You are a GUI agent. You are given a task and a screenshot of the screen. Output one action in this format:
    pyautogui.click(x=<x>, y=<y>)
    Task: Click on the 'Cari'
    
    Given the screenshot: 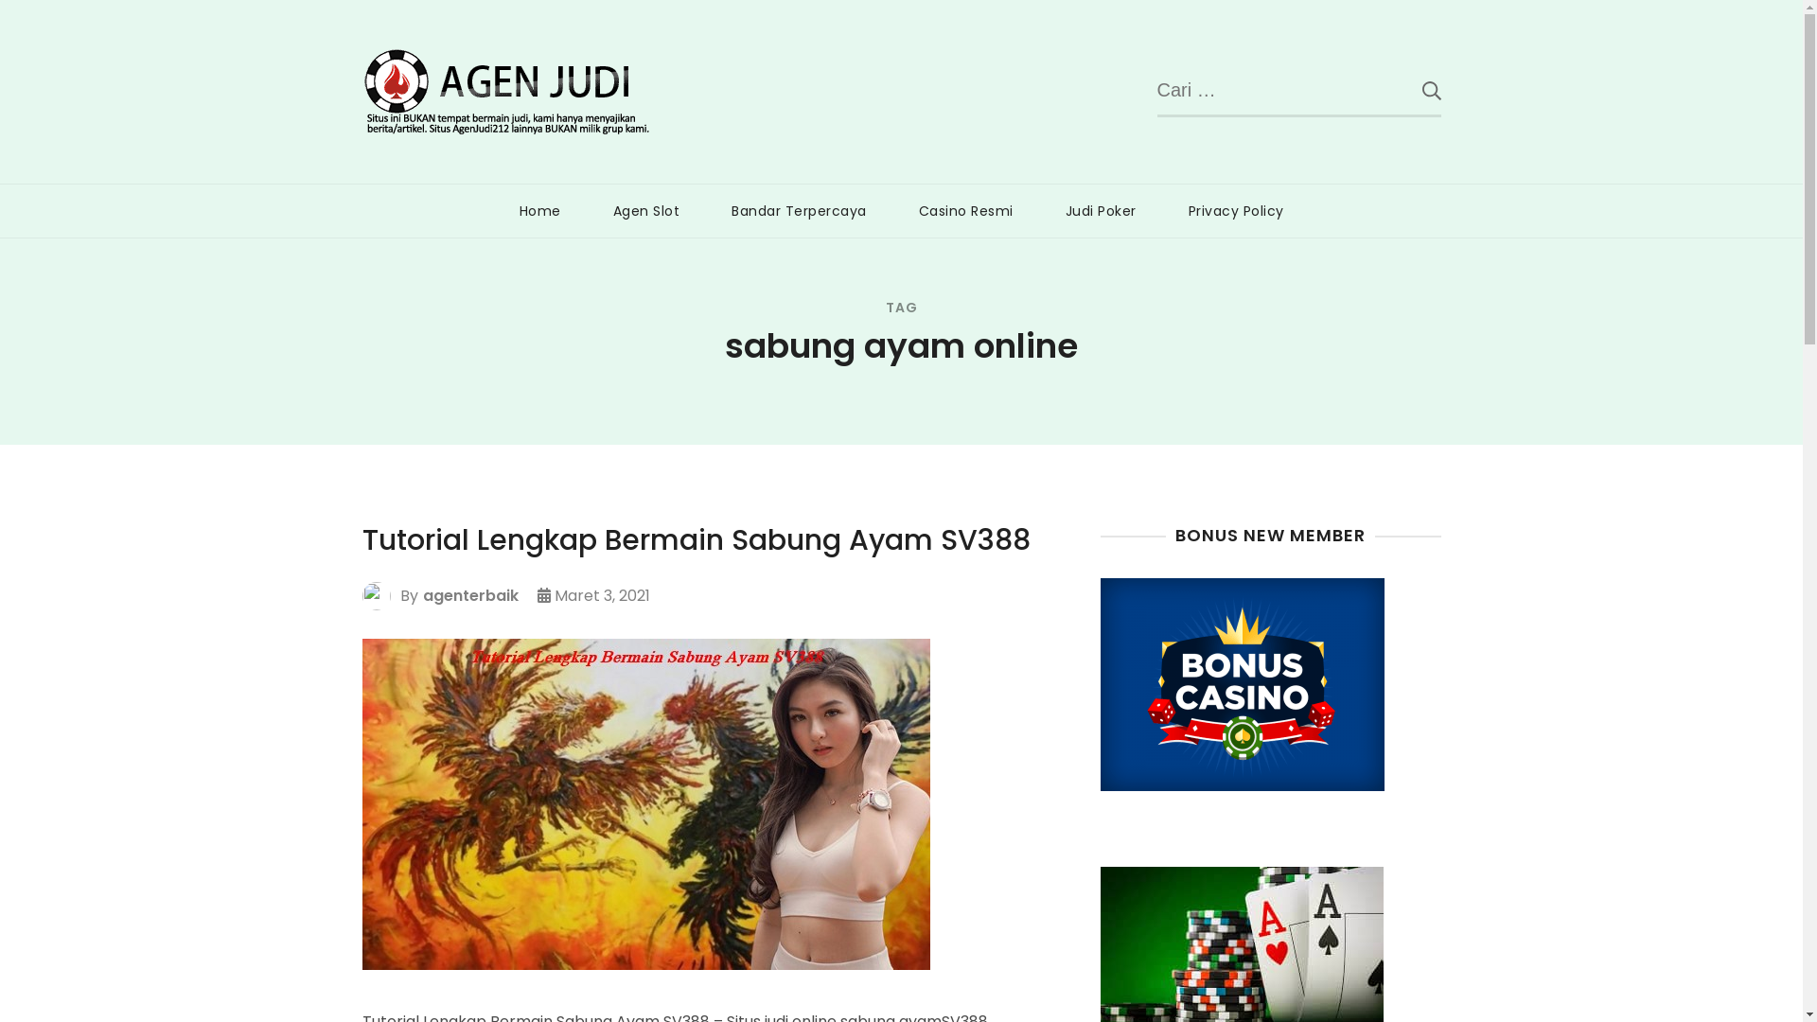 What is the action you would take?
    pyautogui.click(x=1393, y=90)
    